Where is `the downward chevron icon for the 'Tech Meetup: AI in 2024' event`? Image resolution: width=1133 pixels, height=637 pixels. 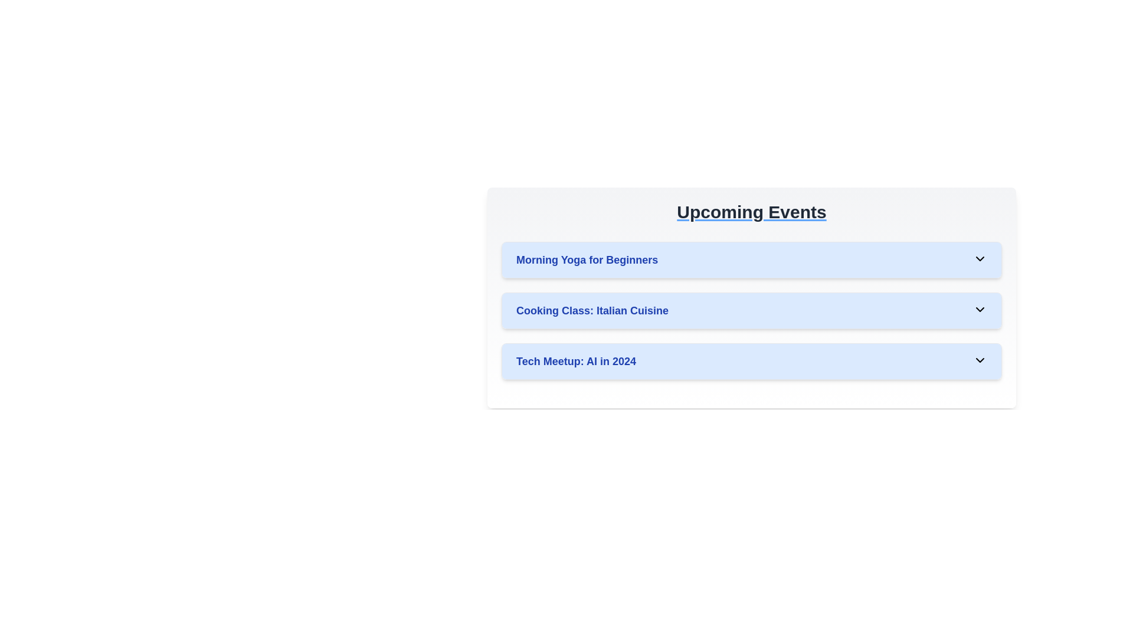
the downward chevron icon for the 'Tech Meetup: AI in 2024' event is located at coordinates (980, 359).